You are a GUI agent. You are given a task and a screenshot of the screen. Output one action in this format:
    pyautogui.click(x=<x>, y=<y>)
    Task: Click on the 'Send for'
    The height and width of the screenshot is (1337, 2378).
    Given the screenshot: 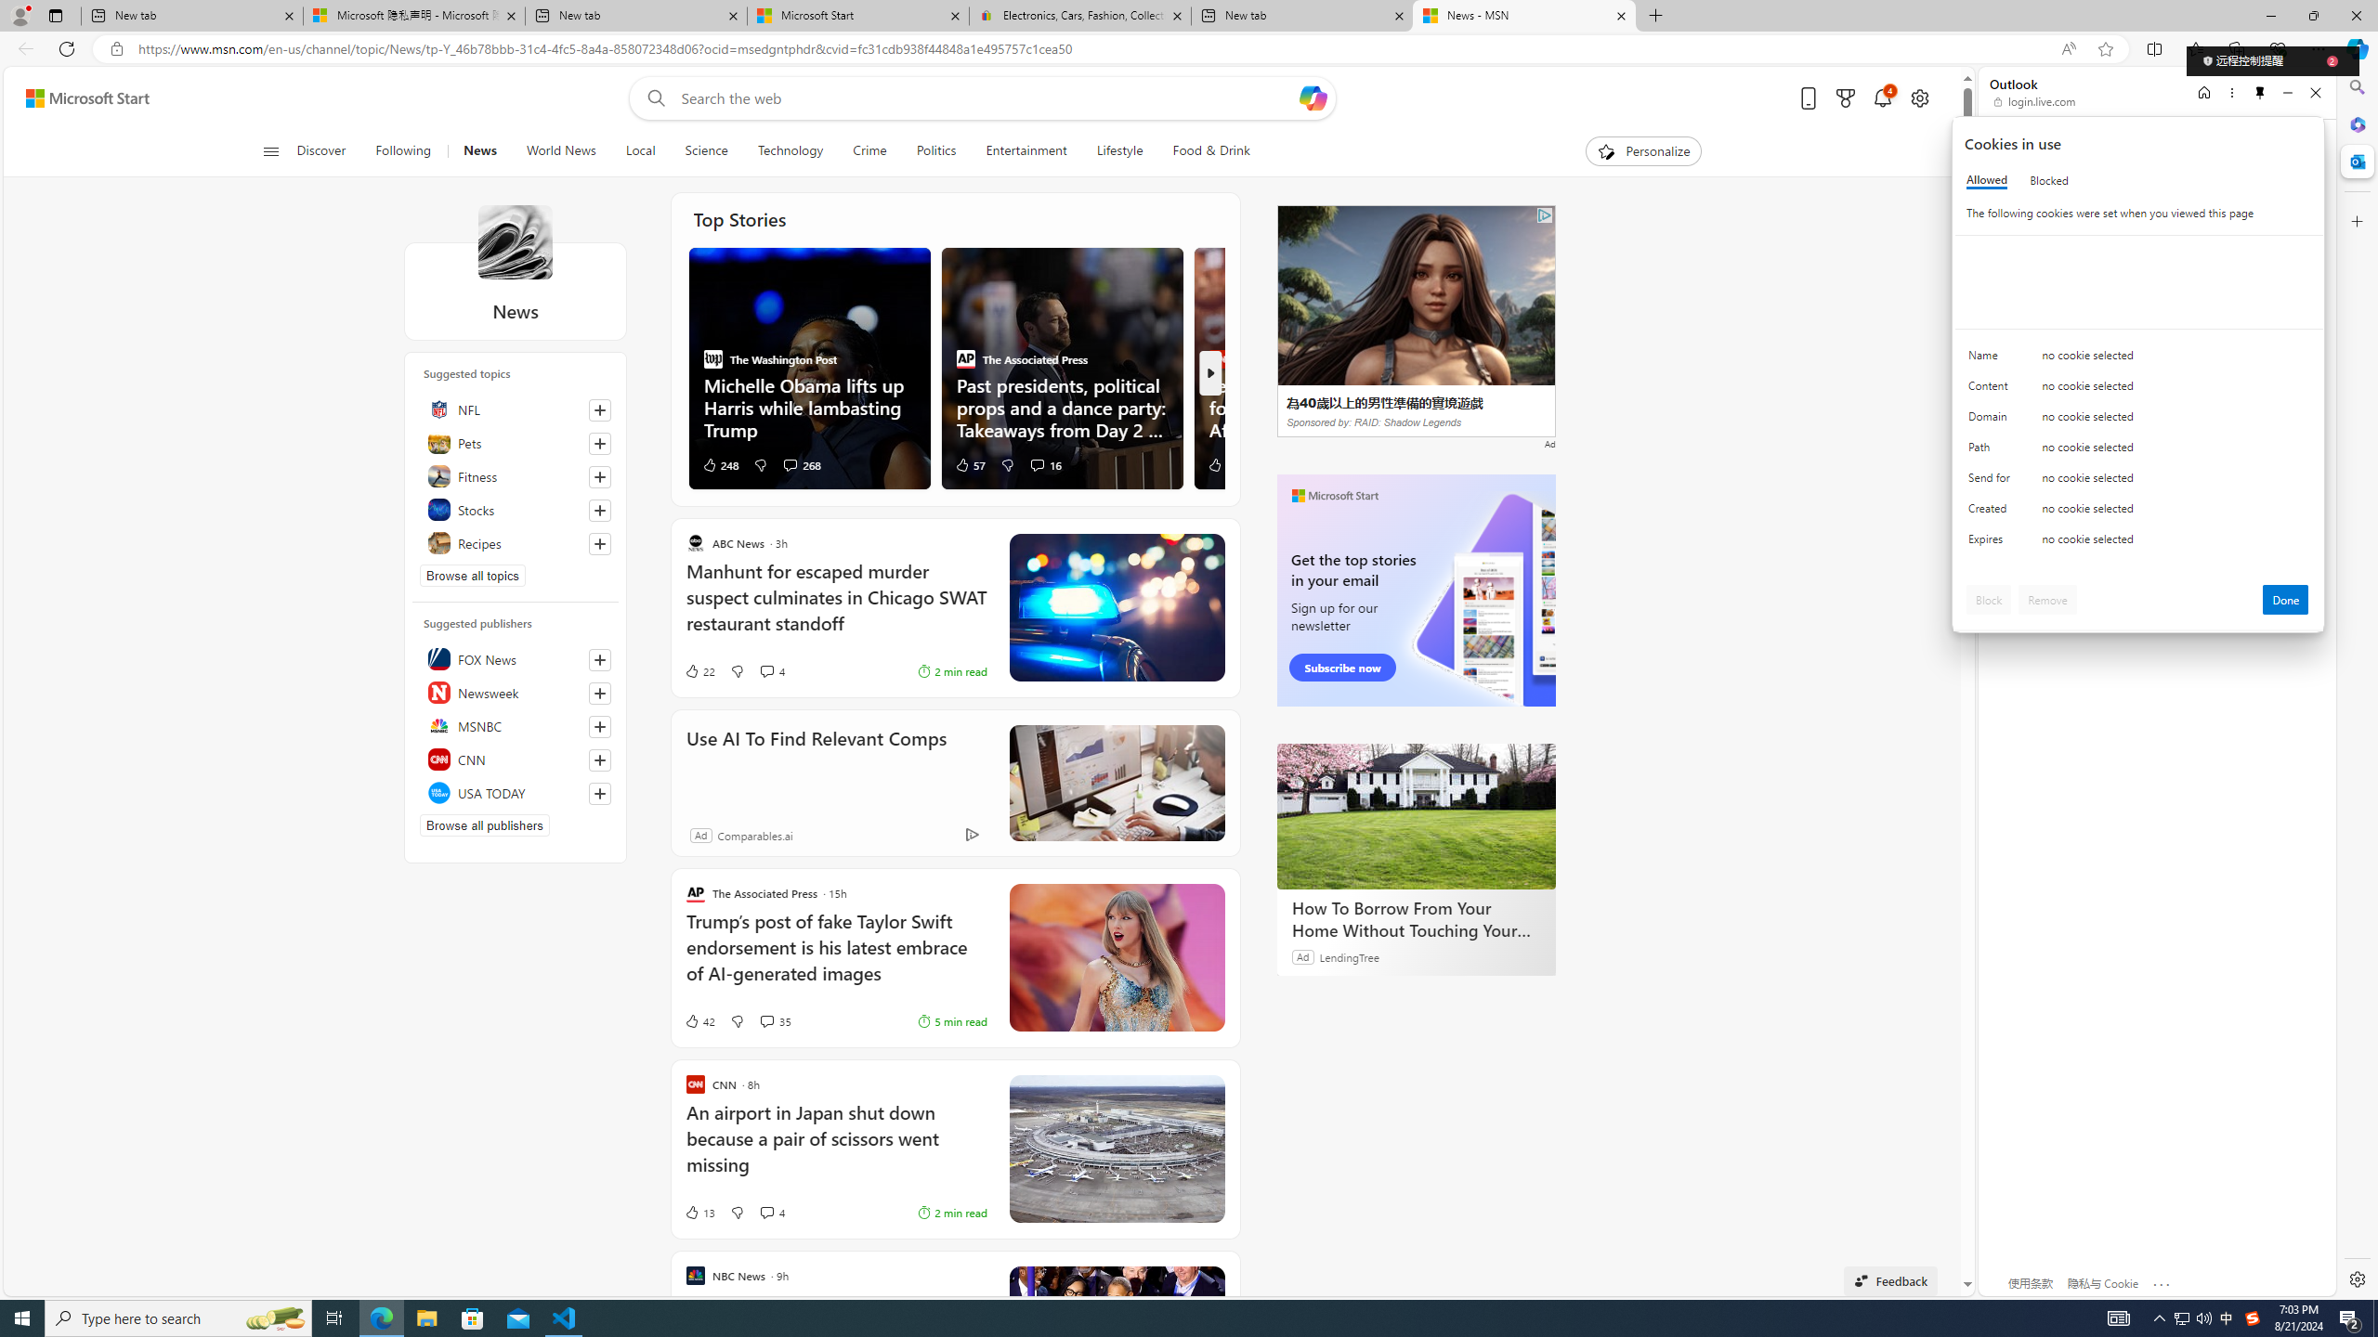 What is the action you would take?
    pyautogui.click(x=1992, y=481)
    